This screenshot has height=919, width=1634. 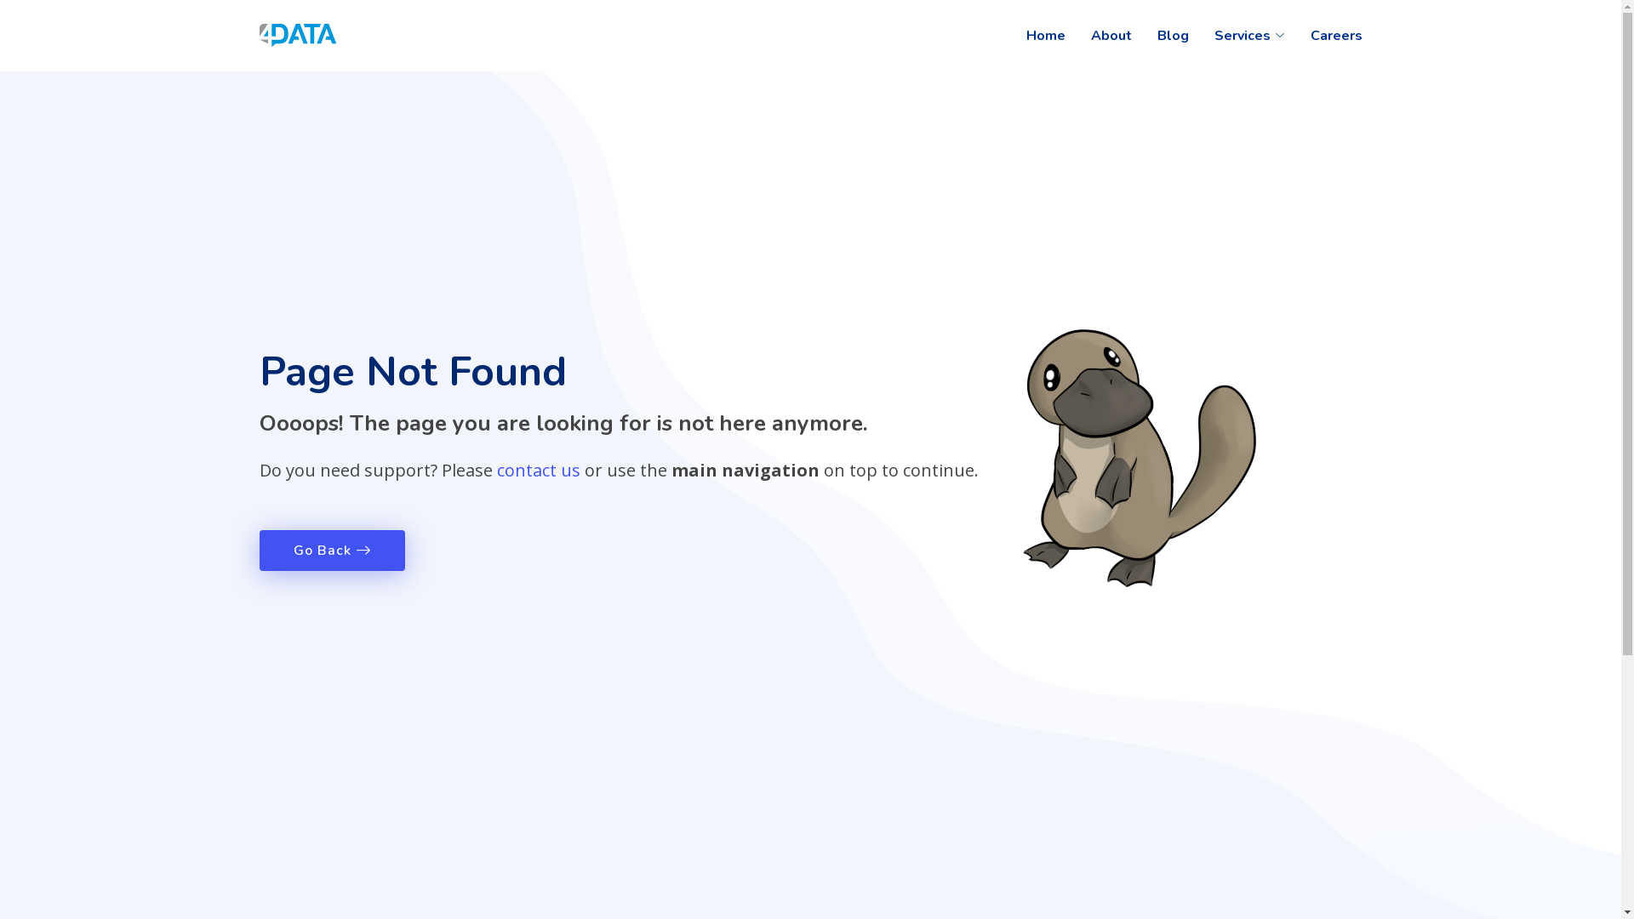 I want to click on 'Home', so click(x=1032, y=36).